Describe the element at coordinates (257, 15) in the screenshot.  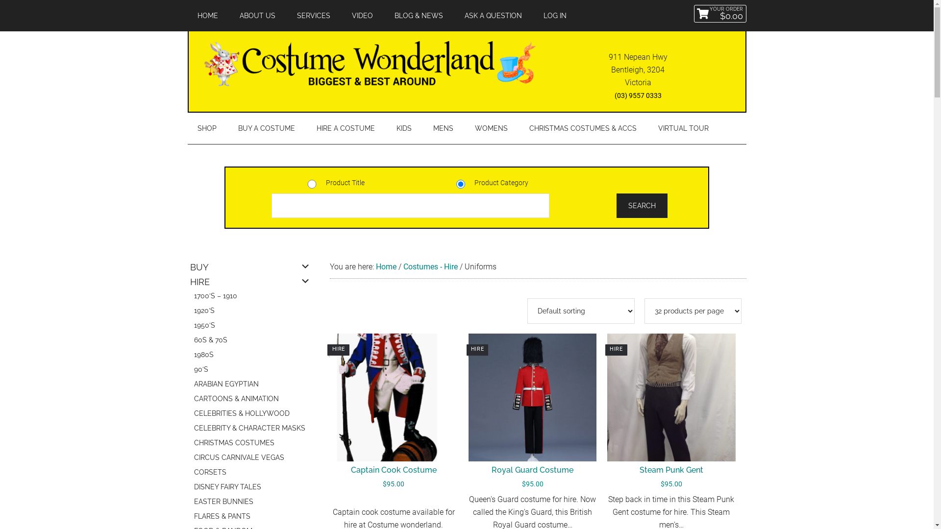
I see `'ABOUT US'` at that location.